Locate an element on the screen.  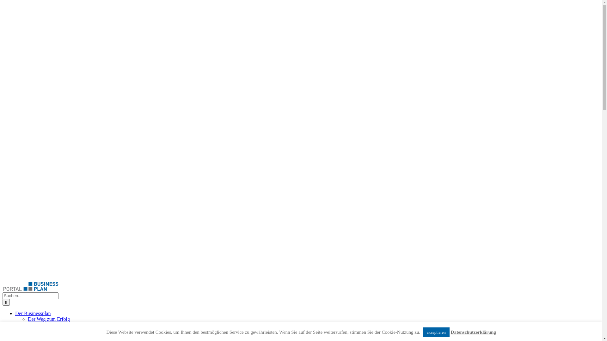
'Der Umgang mit Banken' is located at coordinates (27, 330).